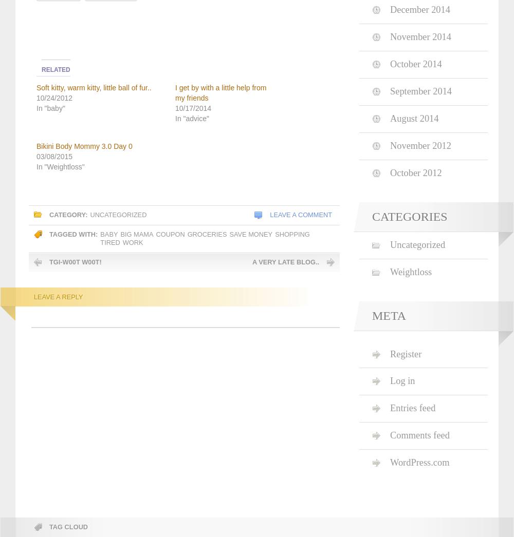 The width and height of the screenshot is (514, 537). I want to click on 'save money', so click(250, 233).